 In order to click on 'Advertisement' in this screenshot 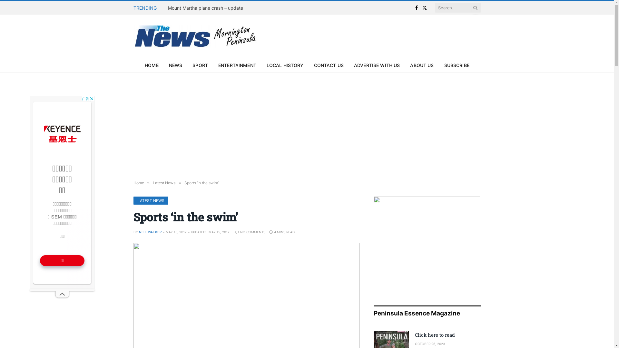, I will do `click(62, 192)`.